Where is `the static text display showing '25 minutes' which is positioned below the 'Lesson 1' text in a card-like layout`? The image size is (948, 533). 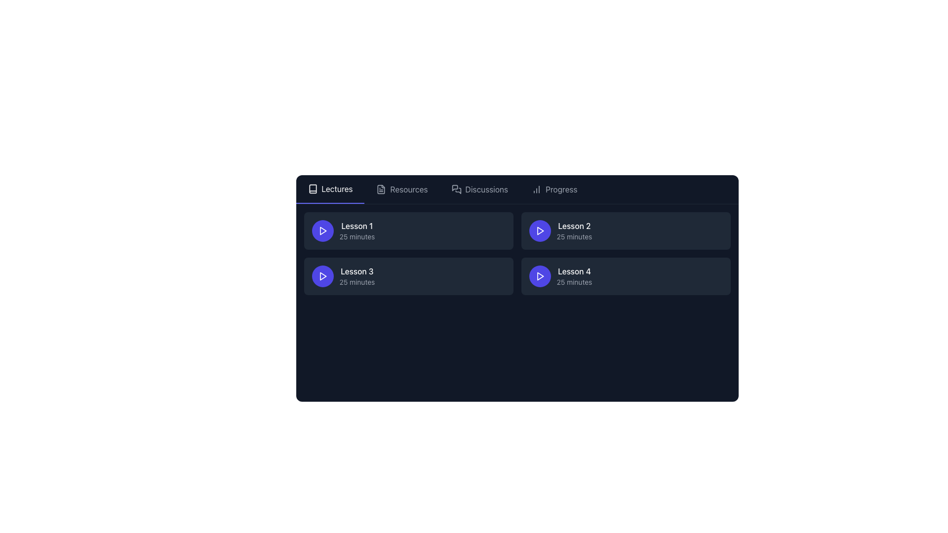 the static text display showing '25 minutes' which is positioned below the 'Lesson 1' text in a card-like layout is located at coordinates (356, 236).